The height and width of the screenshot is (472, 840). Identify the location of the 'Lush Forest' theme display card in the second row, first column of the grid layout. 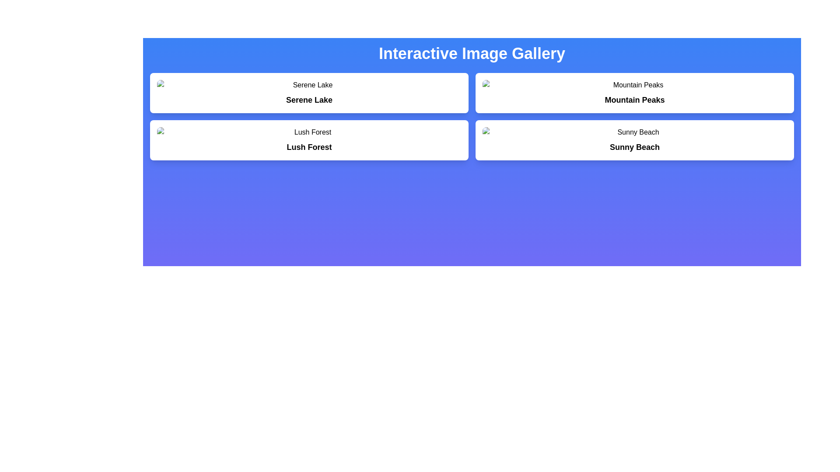
(309, 139).